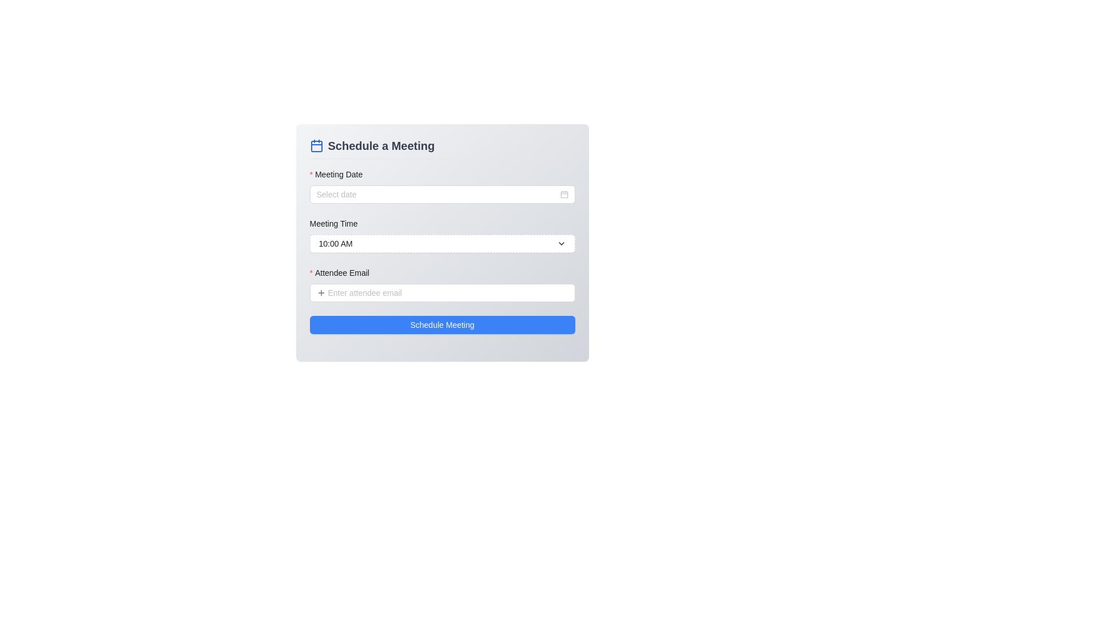  I want to click on the blue button labeled 'Schedule Meeting', so click(441, 324).